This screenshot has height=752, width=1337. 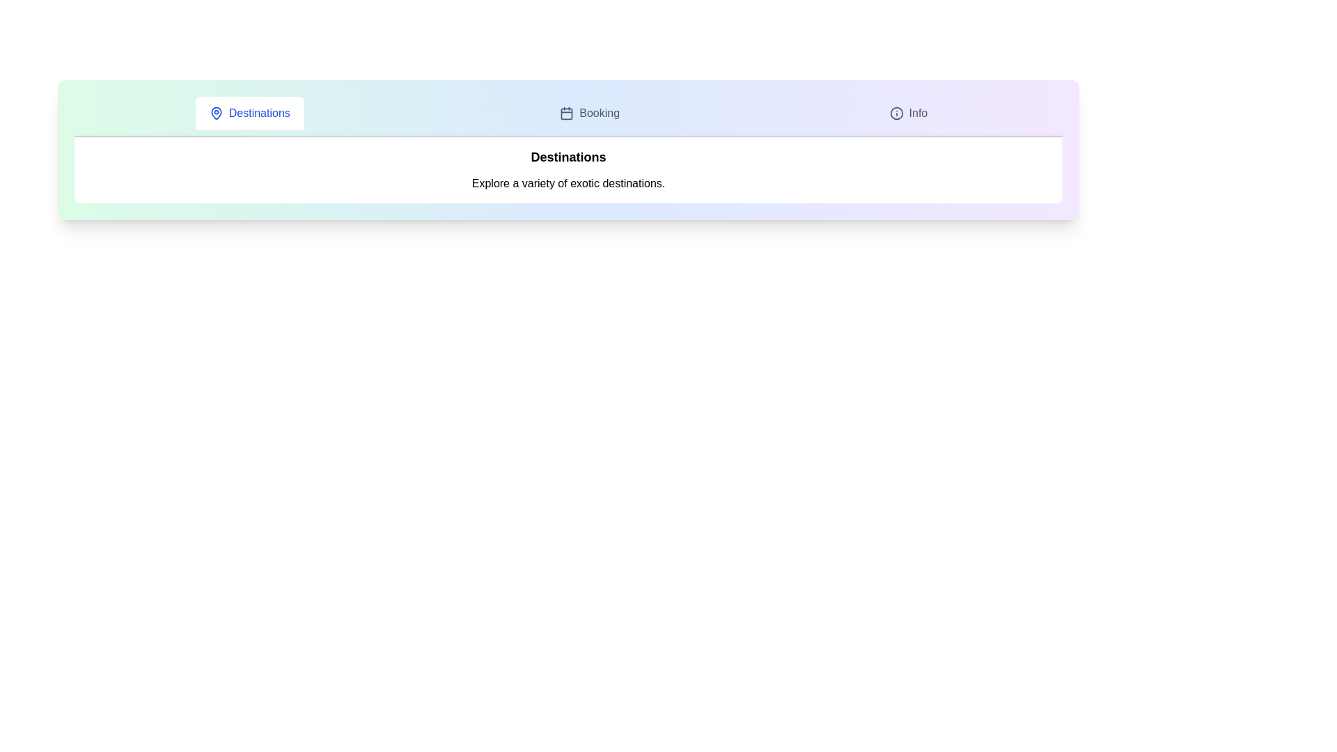 I want to click on the Info tab to read its content, so click(x=908, y=112).